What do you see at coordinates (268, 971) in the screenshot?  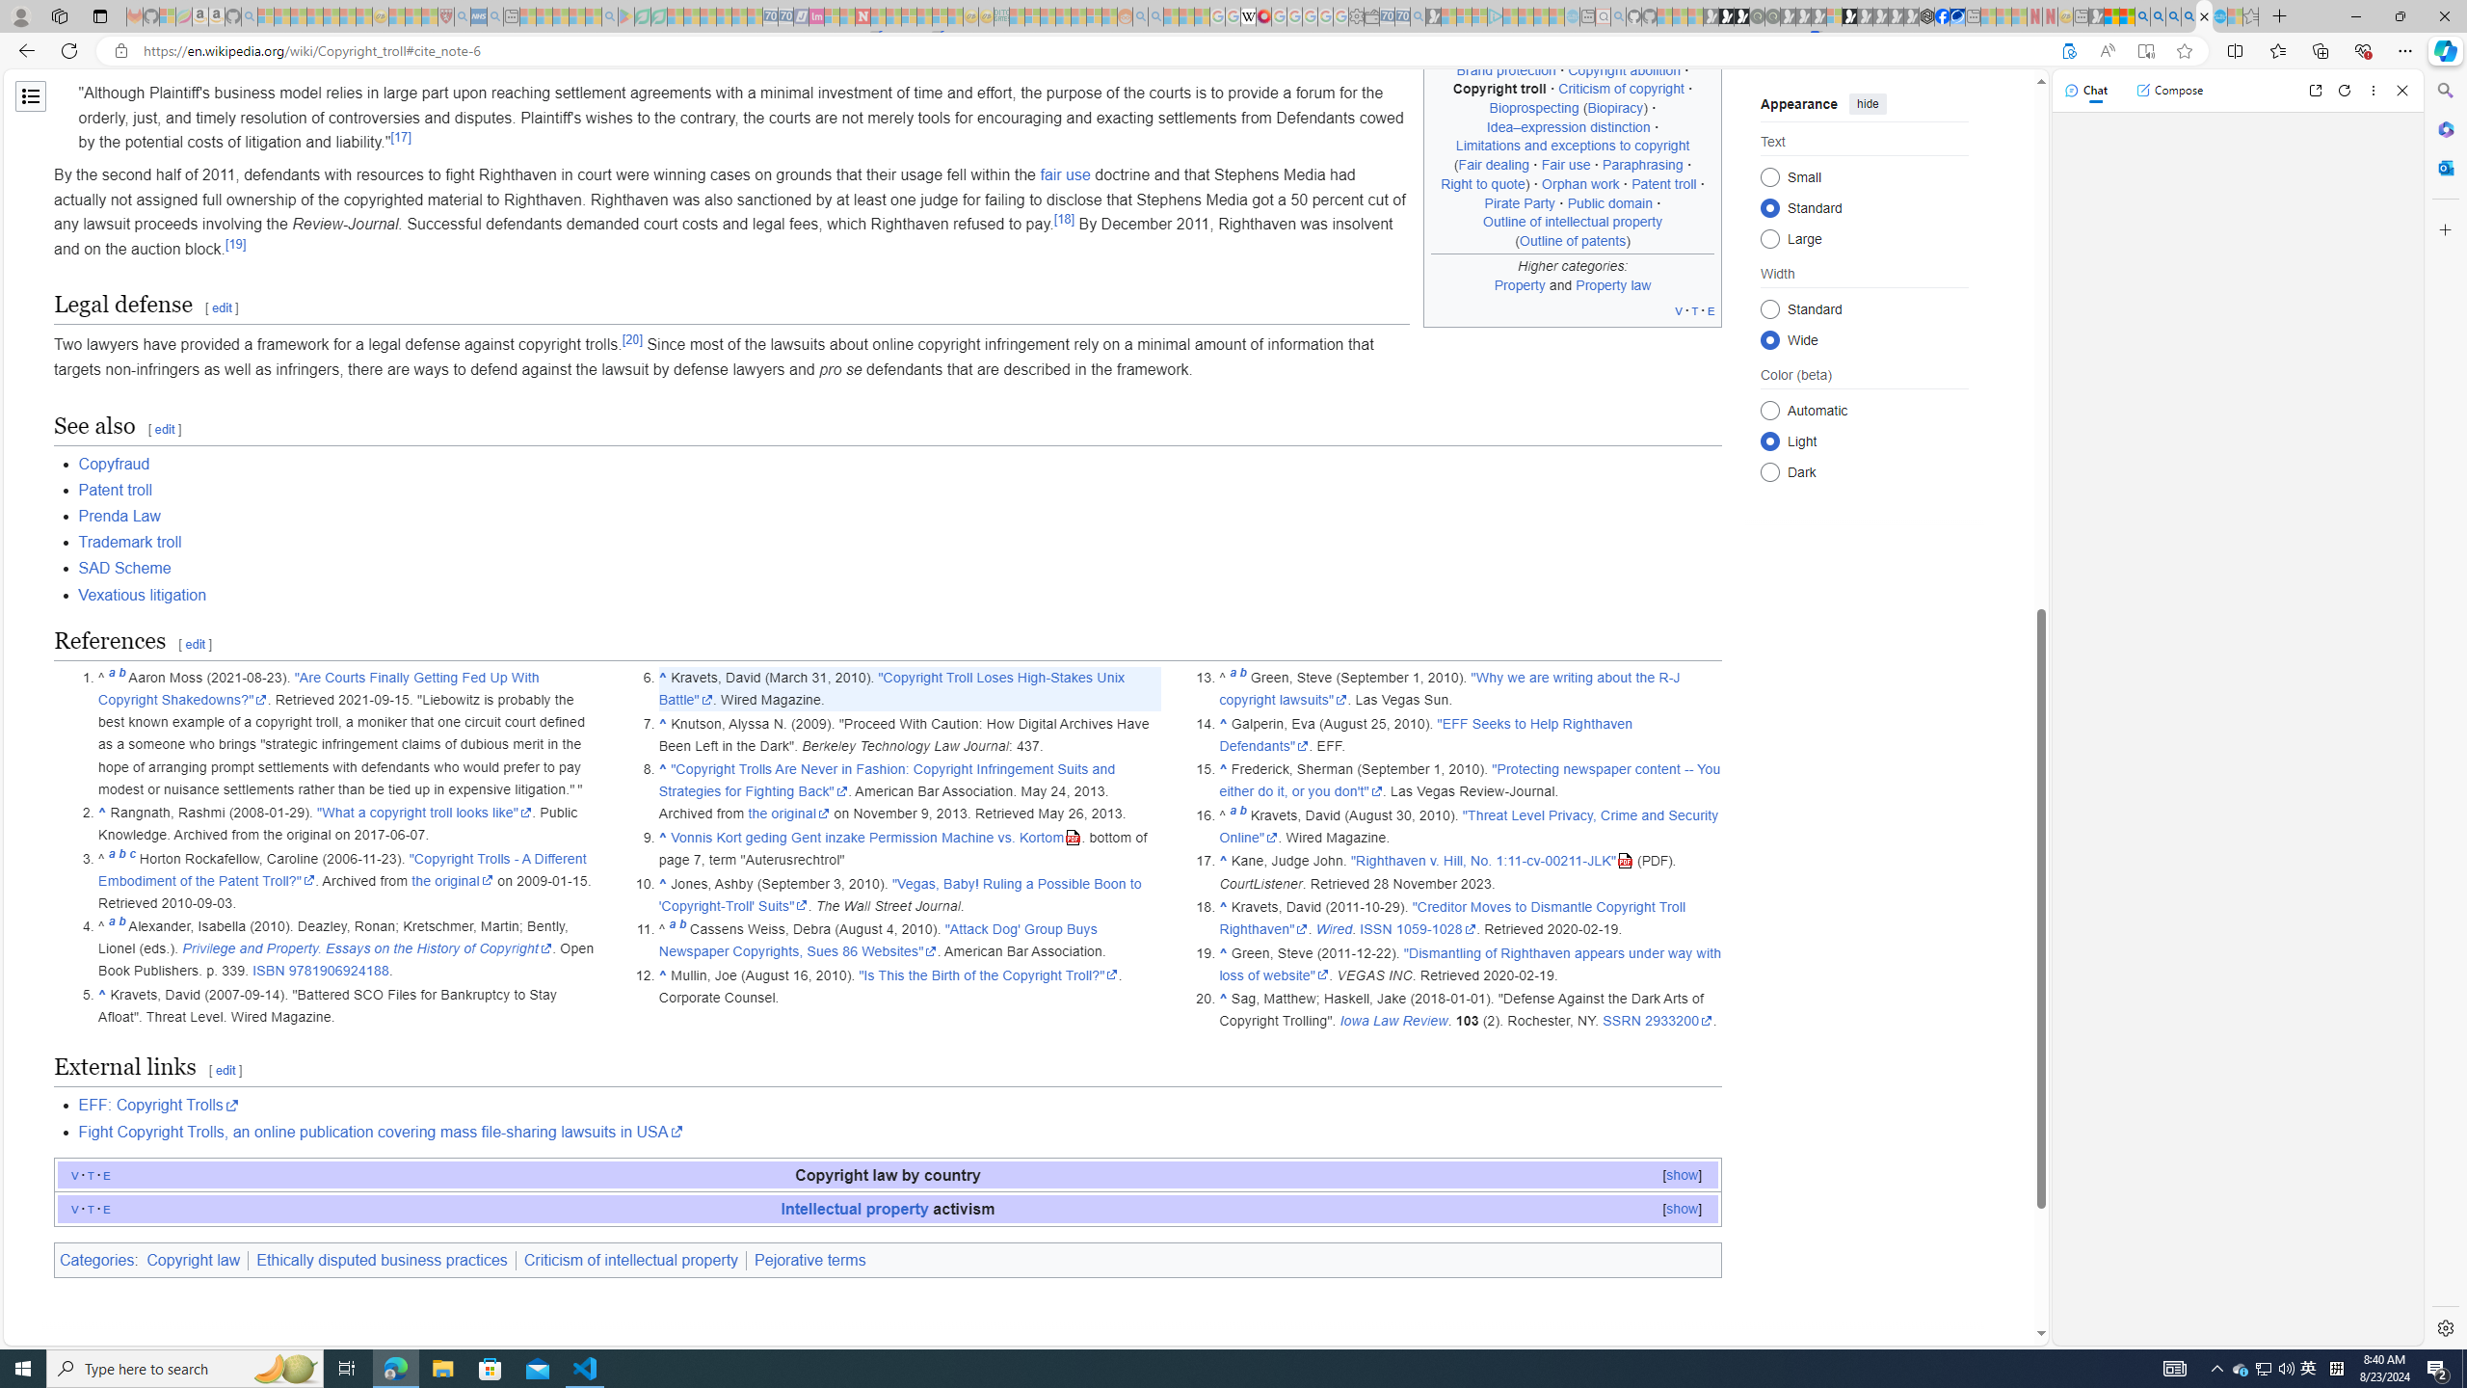 I see `'ISBN'` at bounding box center [268, 971].